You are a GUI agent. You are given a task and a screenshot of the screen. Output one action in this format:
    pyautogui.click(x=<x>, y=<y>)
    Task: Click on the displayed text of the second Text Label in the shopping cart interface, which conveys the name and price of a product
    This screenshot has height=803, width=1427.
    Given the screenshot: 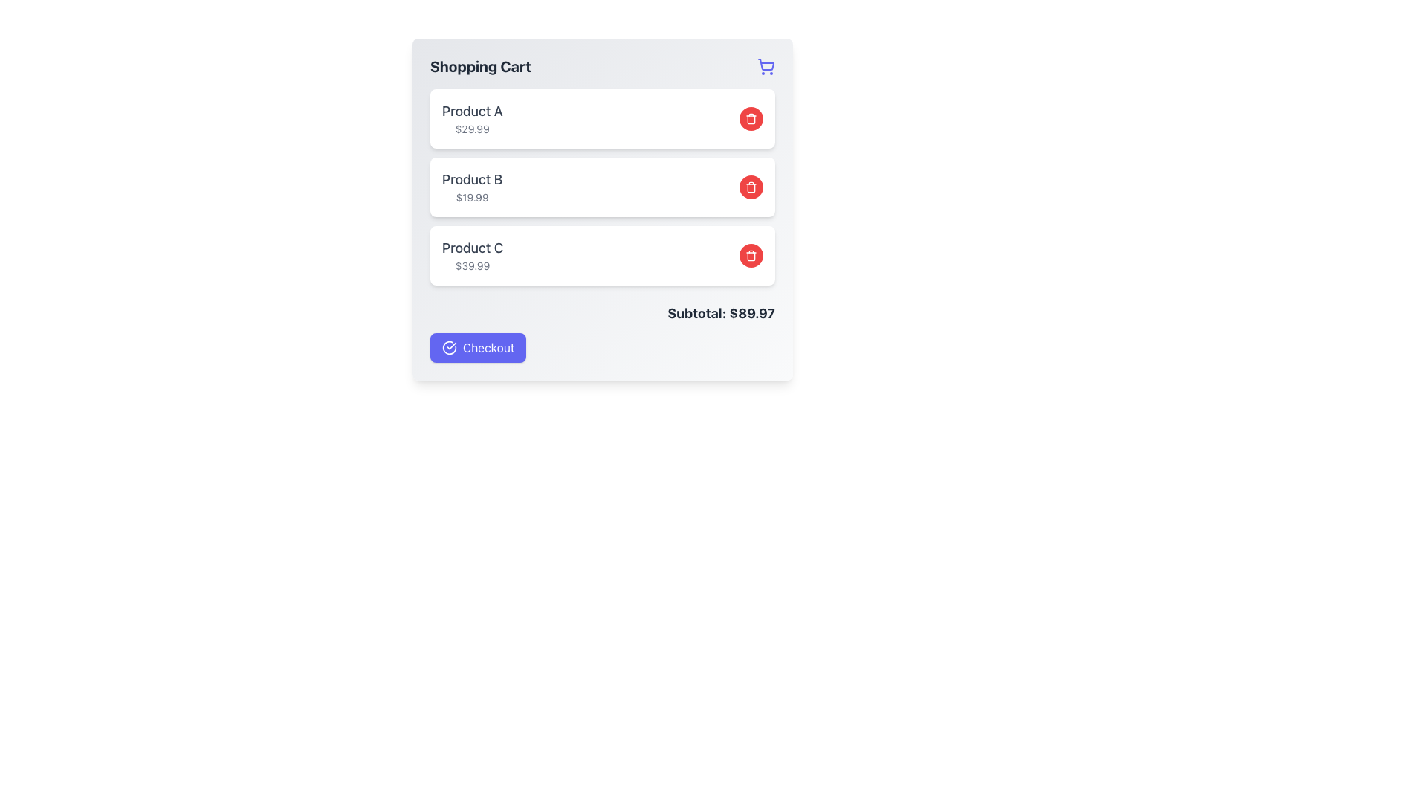 What is the action you would take?
    pyautogui.click(x=471, y=186)
    